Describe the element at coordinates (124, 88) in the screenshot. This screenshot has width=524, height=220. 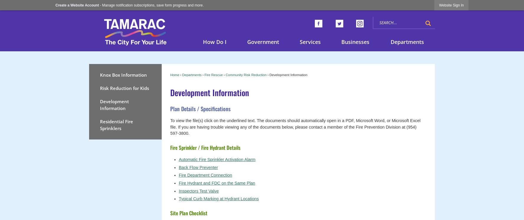
I see `'Risk Reduction for Kids'` at that location.